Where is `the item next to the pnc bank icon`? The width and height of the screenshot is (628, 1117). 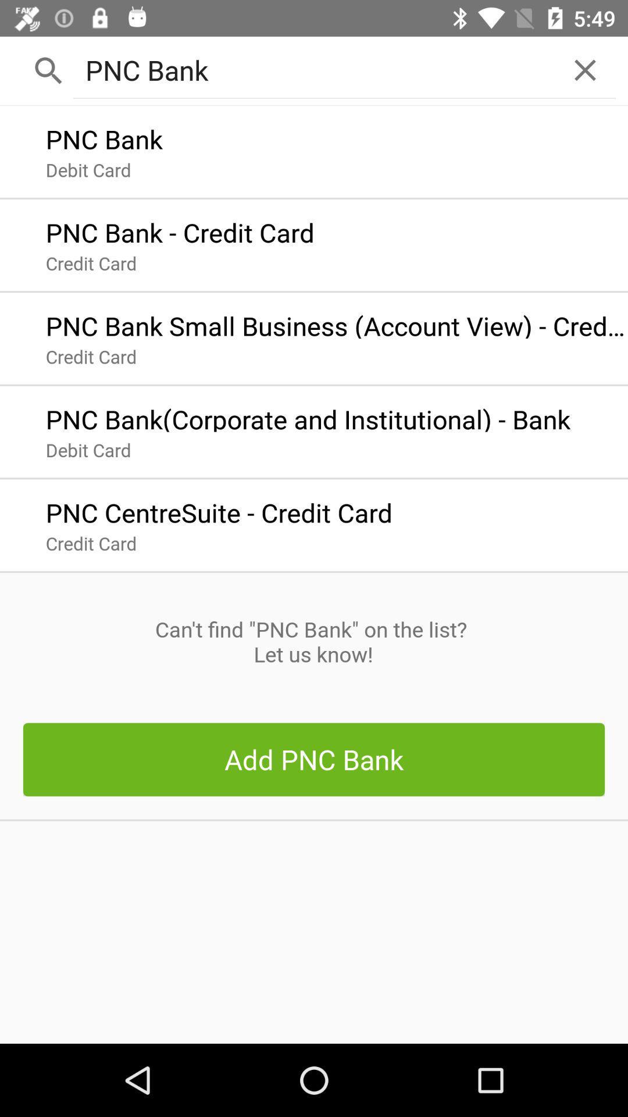
the item next to the pnc bank icon is located at coordinates (585, 69).